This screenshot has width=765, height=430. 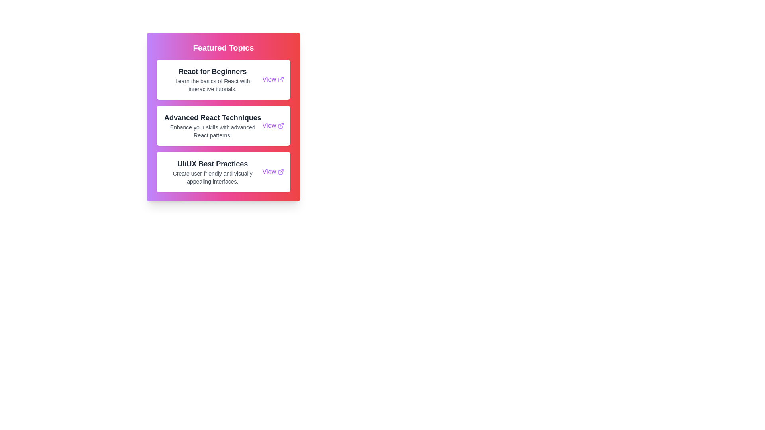 What do you see at coordinates (223, 80) in the screenshot?
I see `displayed text and details from the Informational Card titled 'React for Beginners', which is the first card in the 'Featured Topics' section` at bounding box center [223, 80].